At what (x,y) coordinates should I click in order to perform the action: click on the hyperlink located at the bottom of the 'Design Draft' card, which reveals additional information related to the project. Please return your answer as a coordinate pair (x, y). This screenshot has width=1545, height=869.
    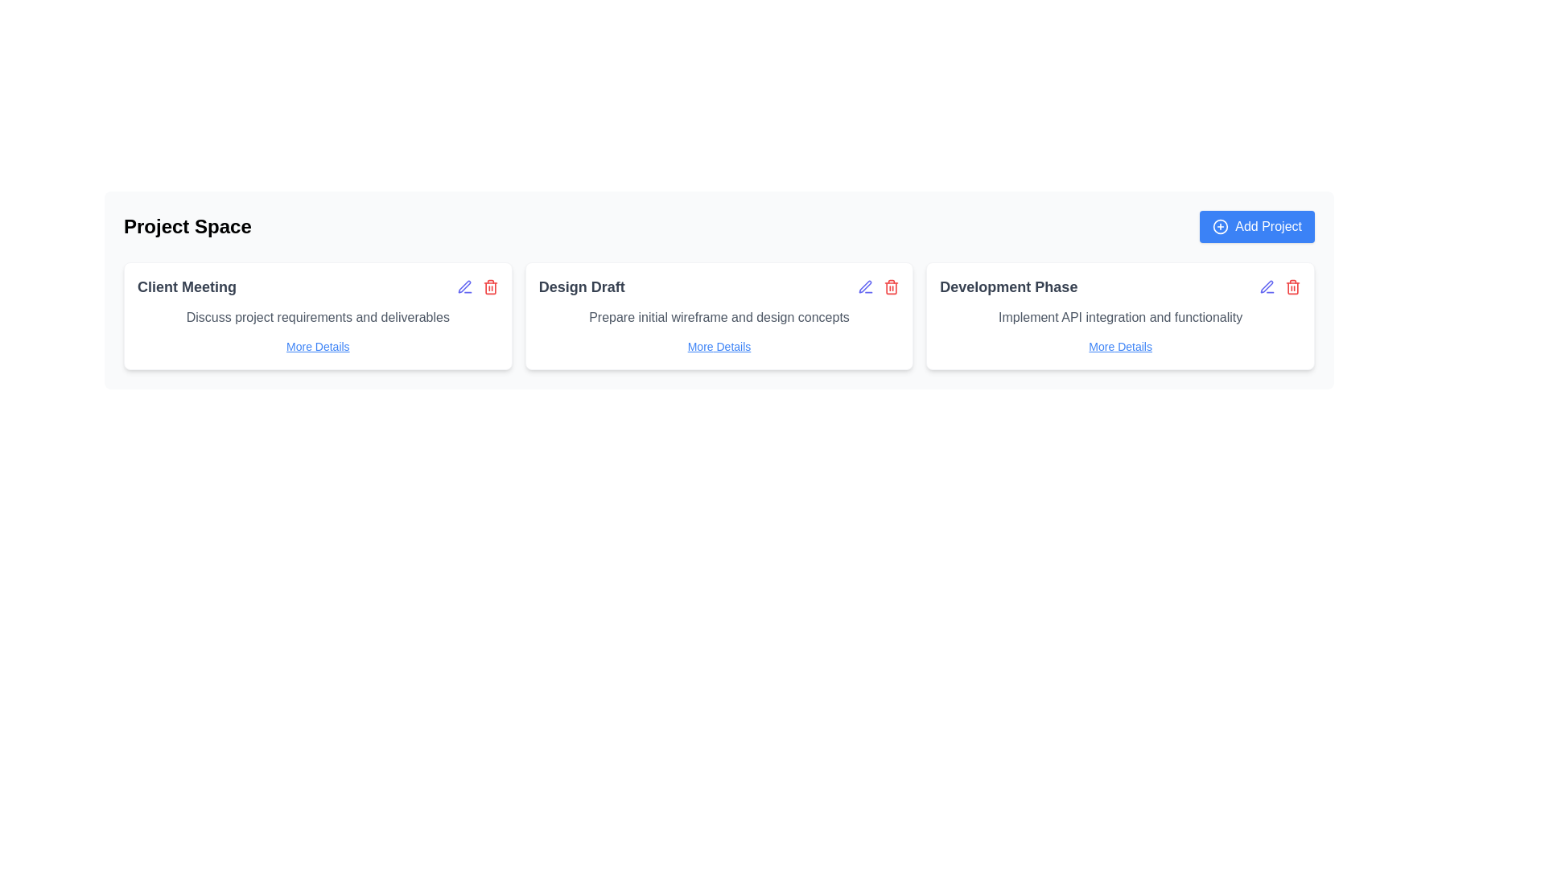
    Looking at the image, I should click on (718, 346).